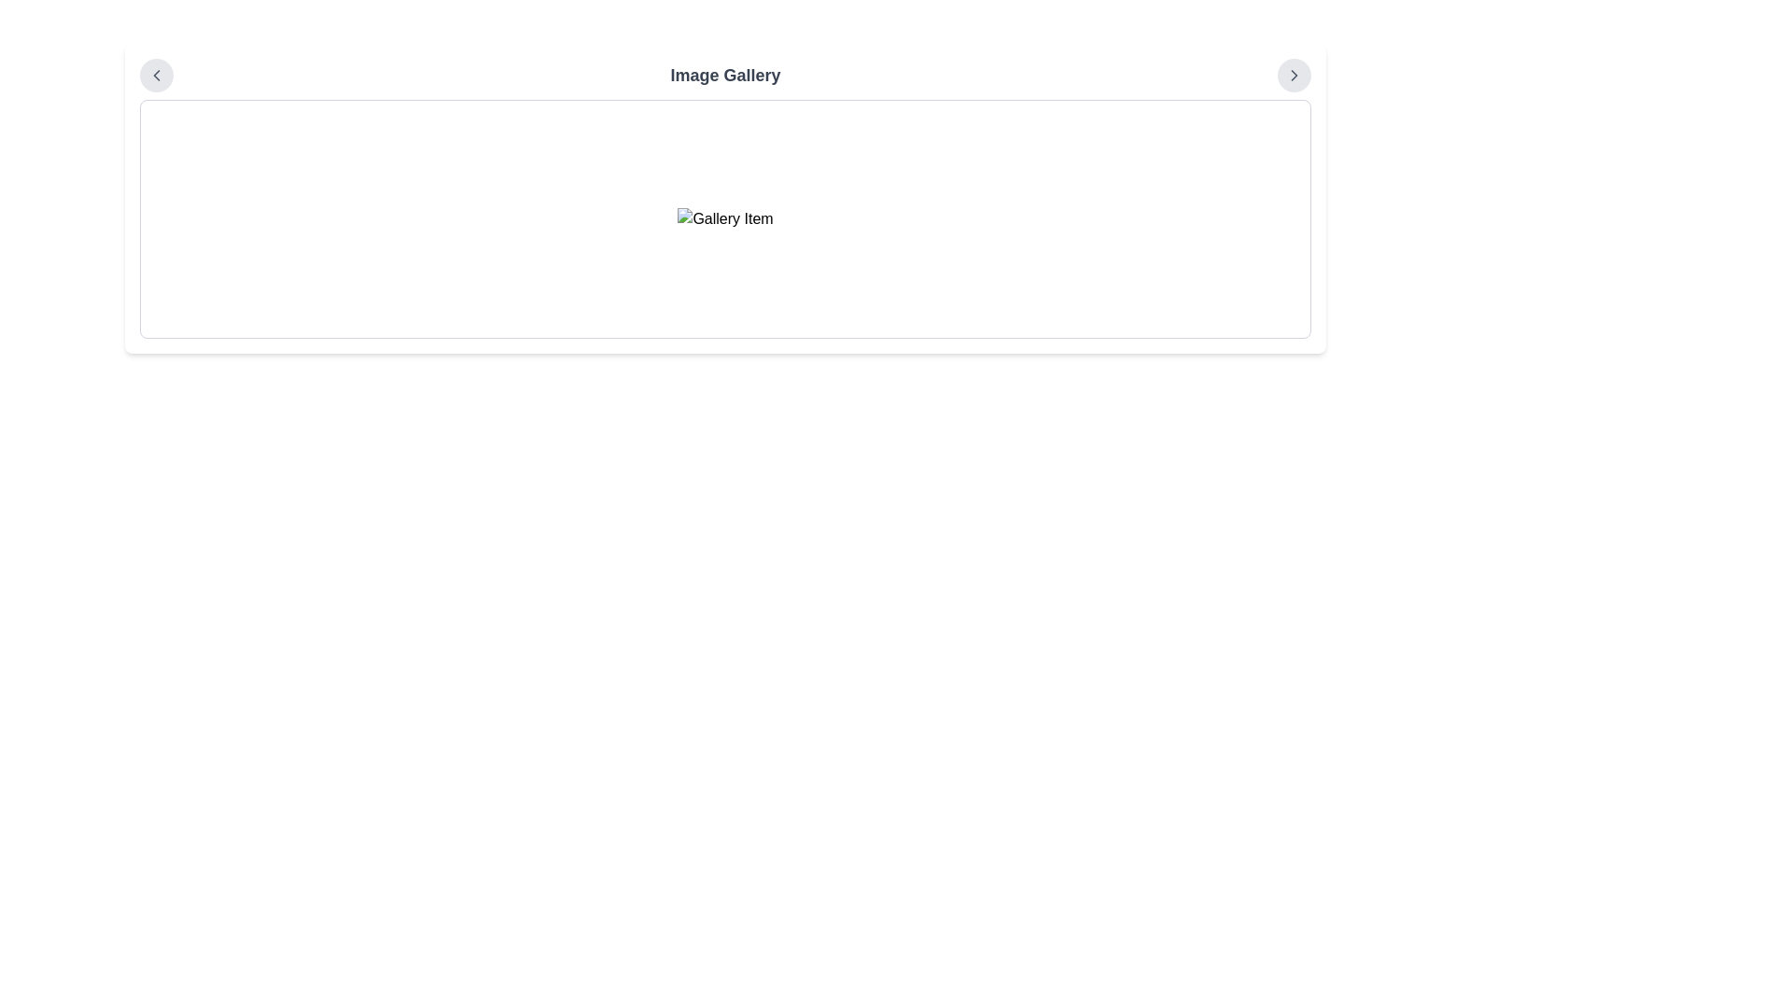  Describe the element at coordinates (157, 75) in the screenshot. I see `the navigation button on the far left side of the header section of the 'Image Gallery' layout` at that location.